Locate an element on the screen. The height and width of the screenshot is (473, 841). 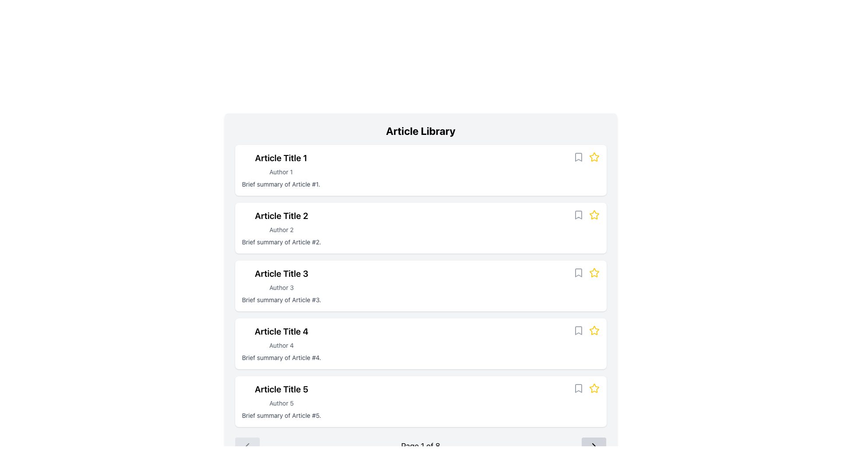
the fourth article entry in the list, which includes the title, author name, and brief summary is located at coordinates (281, 343).